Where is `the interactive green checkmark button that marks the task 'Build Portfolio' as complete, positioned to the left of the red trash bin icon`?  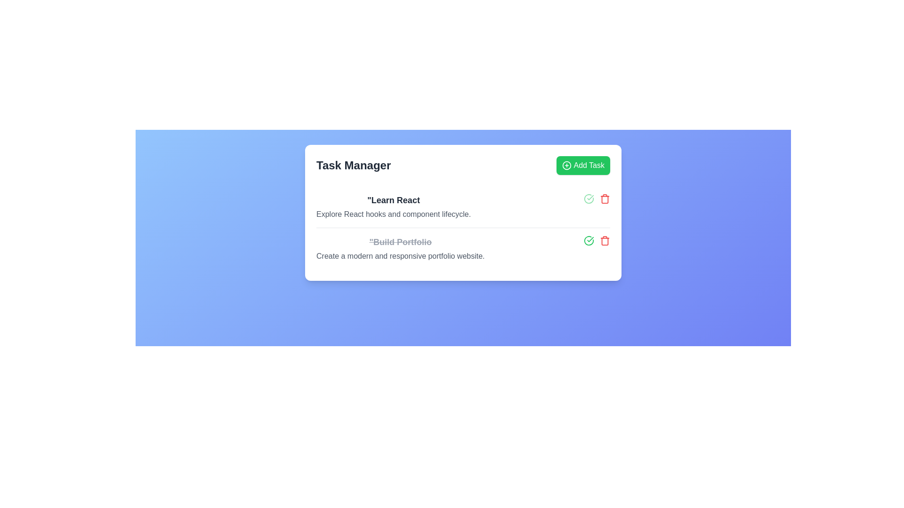
the interactive green checkmark button that marks the task 'Build Portfolio' as complete, positioned to the left of the red trash bin icon is located at coordinates (589, 198).